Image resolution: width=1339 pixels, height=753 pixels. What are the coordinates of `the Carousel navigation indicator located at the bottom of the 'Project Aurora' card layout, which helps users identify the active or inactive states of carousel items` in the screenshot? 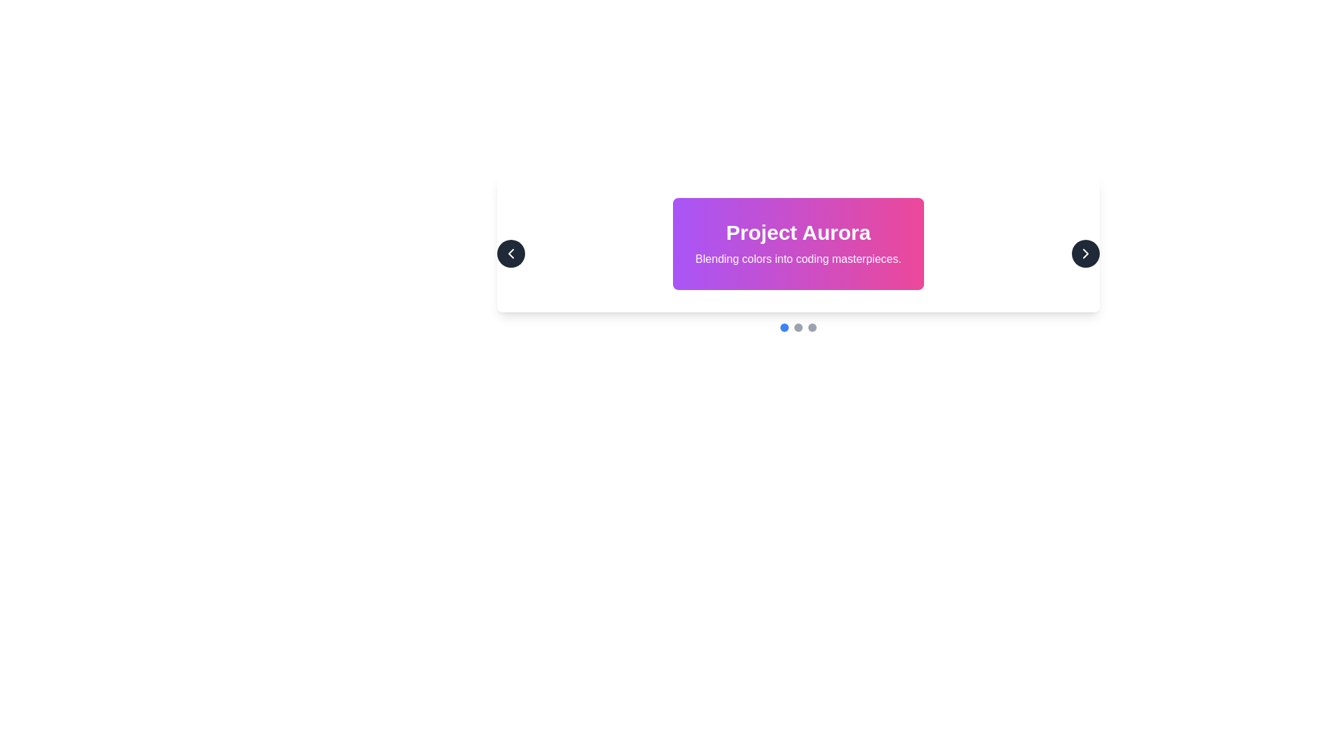 It's located at (799, 328).